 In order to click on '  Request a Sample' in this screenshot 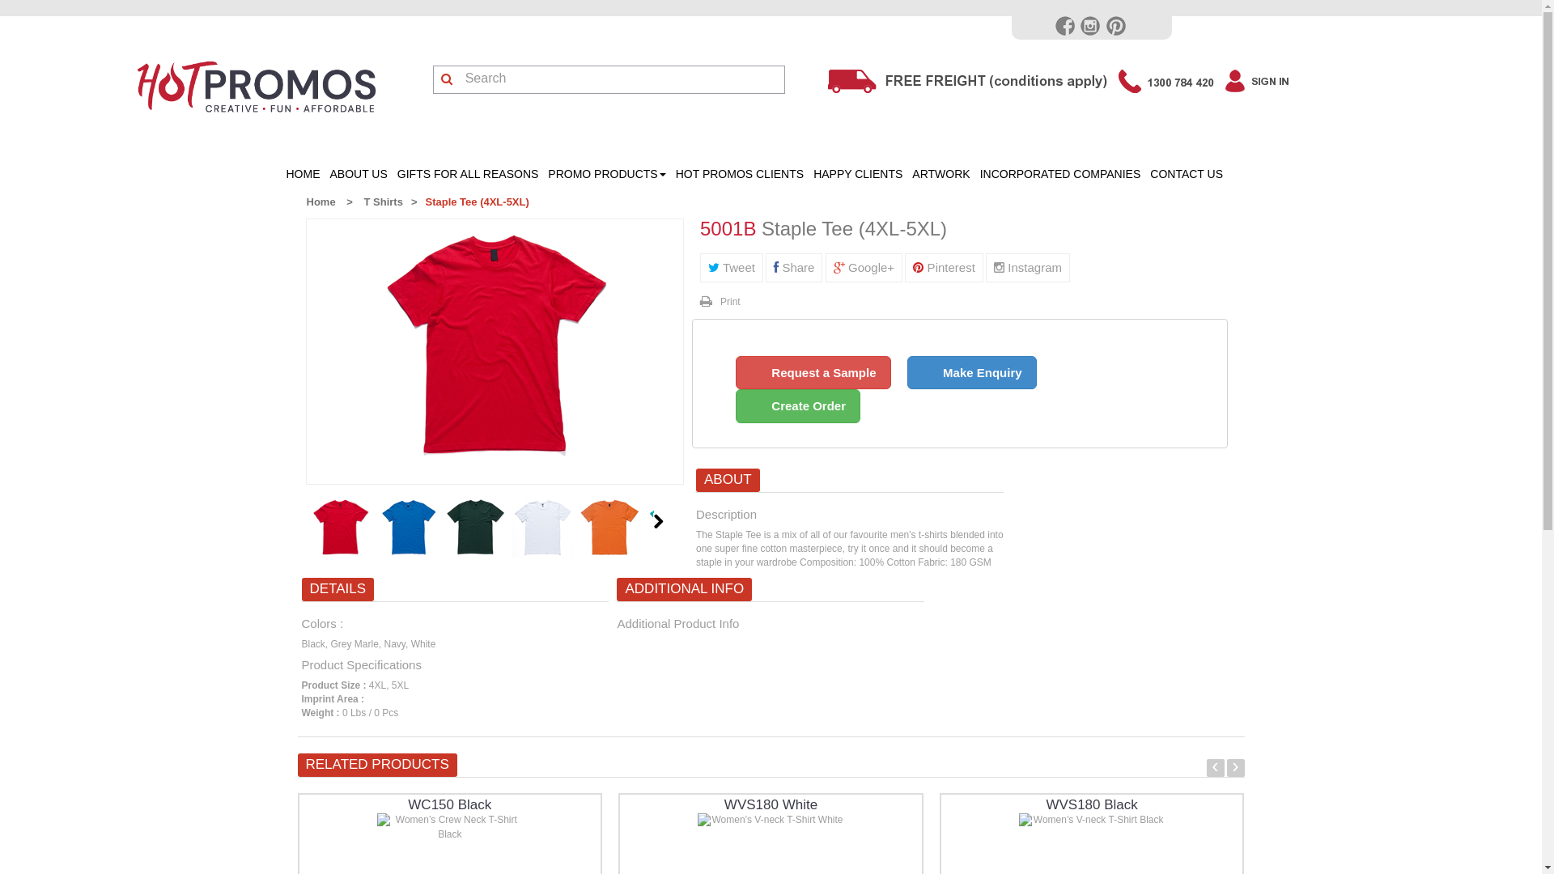, I will do `click(813, 373)`.